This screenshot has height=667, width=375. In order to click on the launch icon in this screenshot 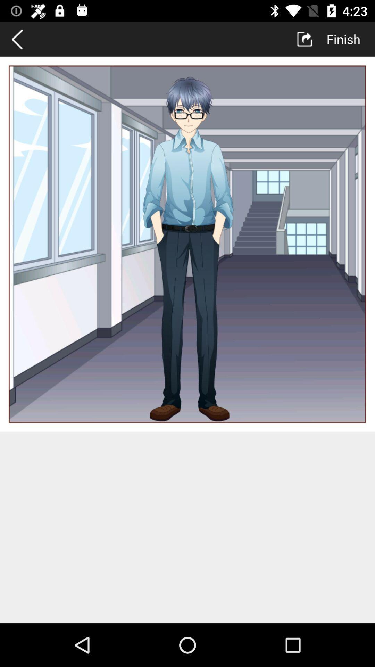, I will do `click(304, 39)`.